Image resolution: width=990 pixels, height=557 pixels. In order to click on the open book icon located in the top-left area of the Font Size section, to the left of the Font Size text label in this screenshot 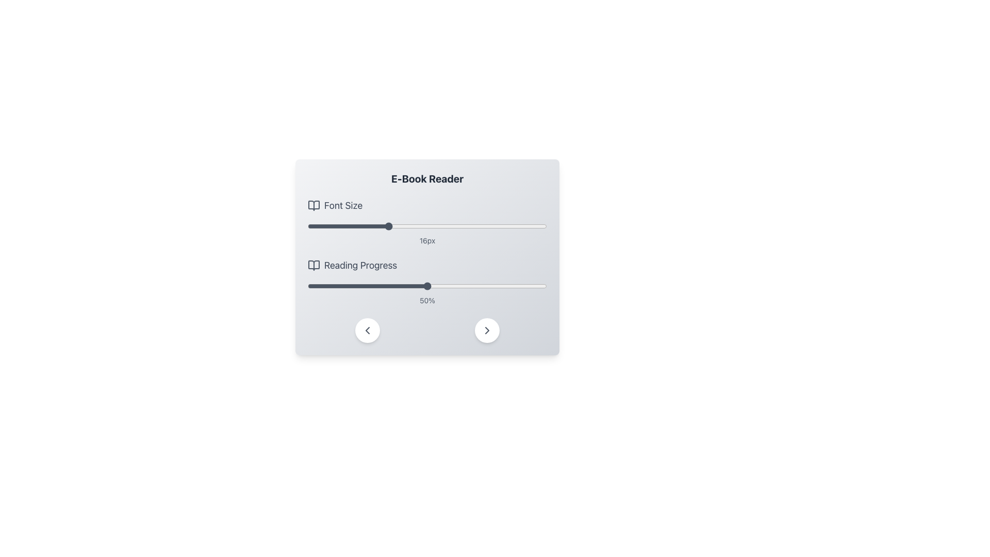, I will do `click(313, 205)`.